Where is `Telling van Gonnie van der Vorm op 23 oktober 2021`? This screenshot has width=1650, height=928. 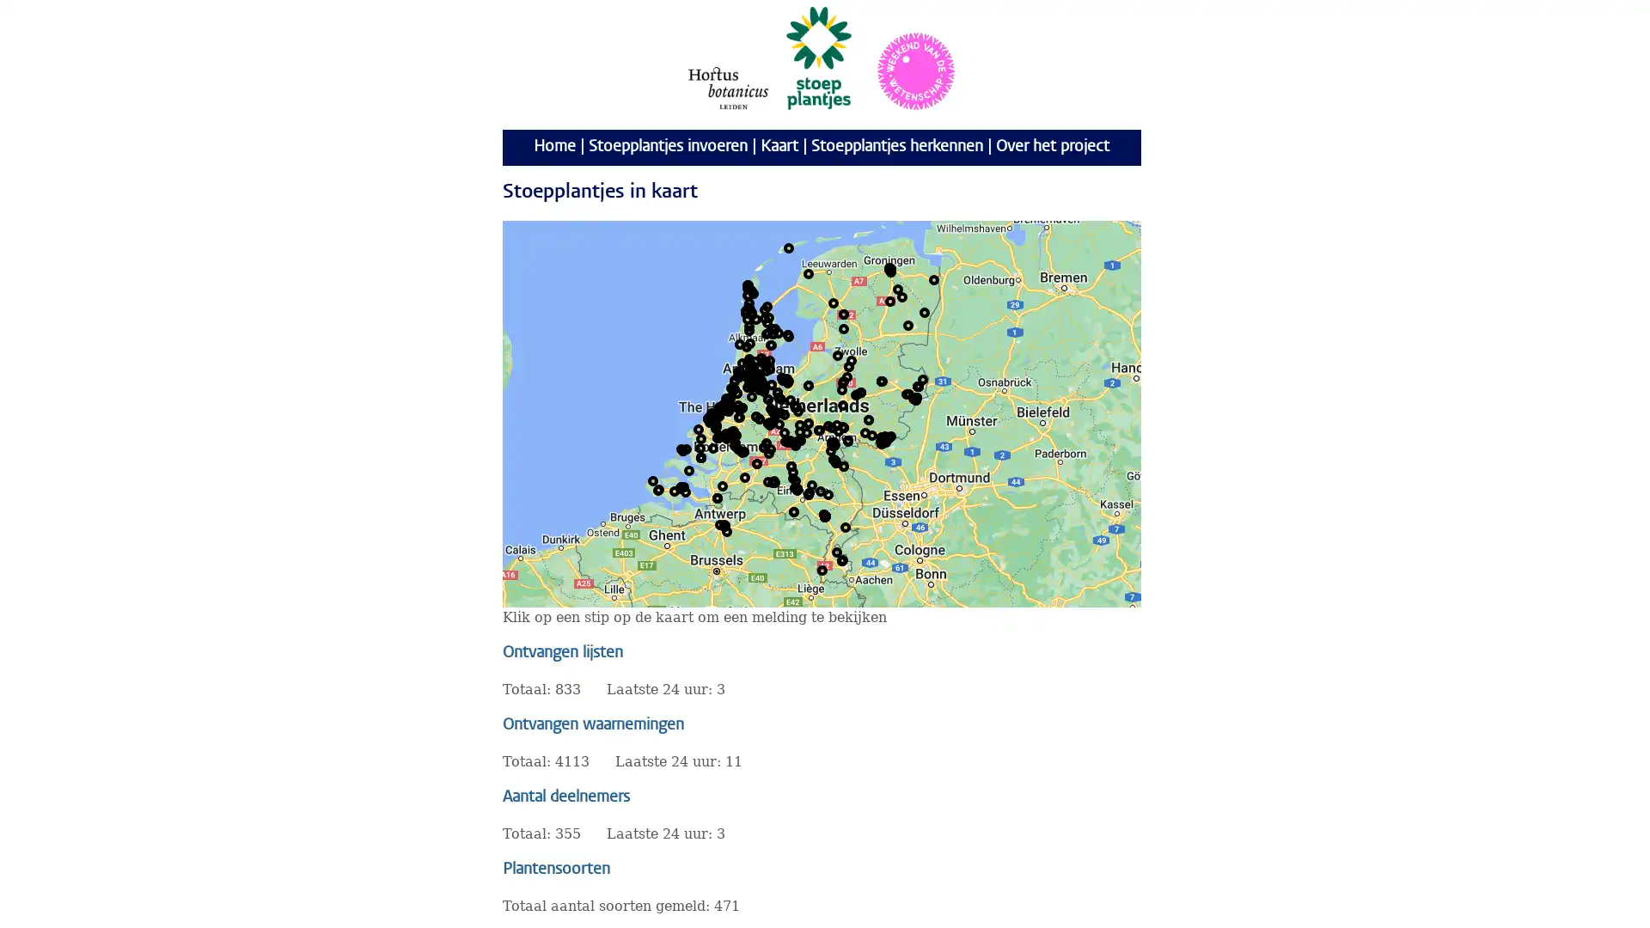
Telling van Gonnie van der Vorm op 23 oktober 2021 is located at coordinates (747, 287).